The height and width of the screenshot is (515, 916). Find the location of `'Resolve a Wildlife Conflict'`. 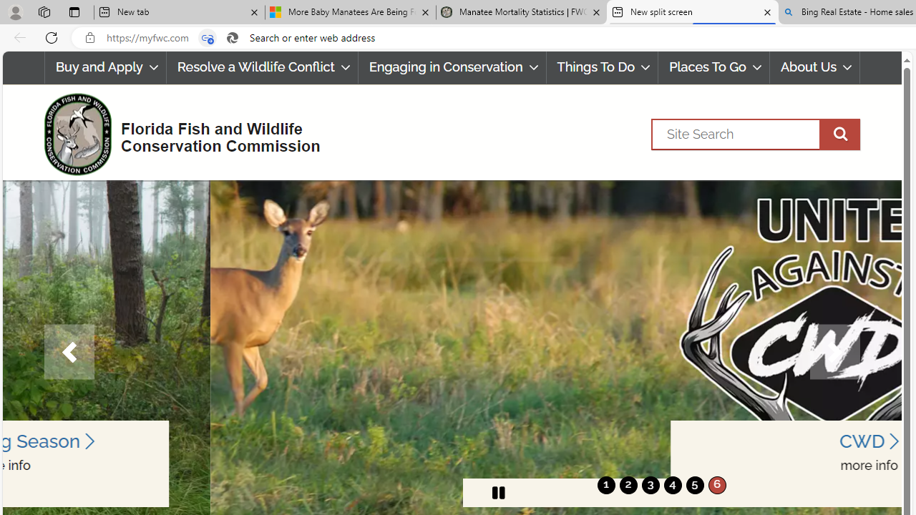

'Resolve a Wildlife Conflict' is located at coordinates (262, 67).